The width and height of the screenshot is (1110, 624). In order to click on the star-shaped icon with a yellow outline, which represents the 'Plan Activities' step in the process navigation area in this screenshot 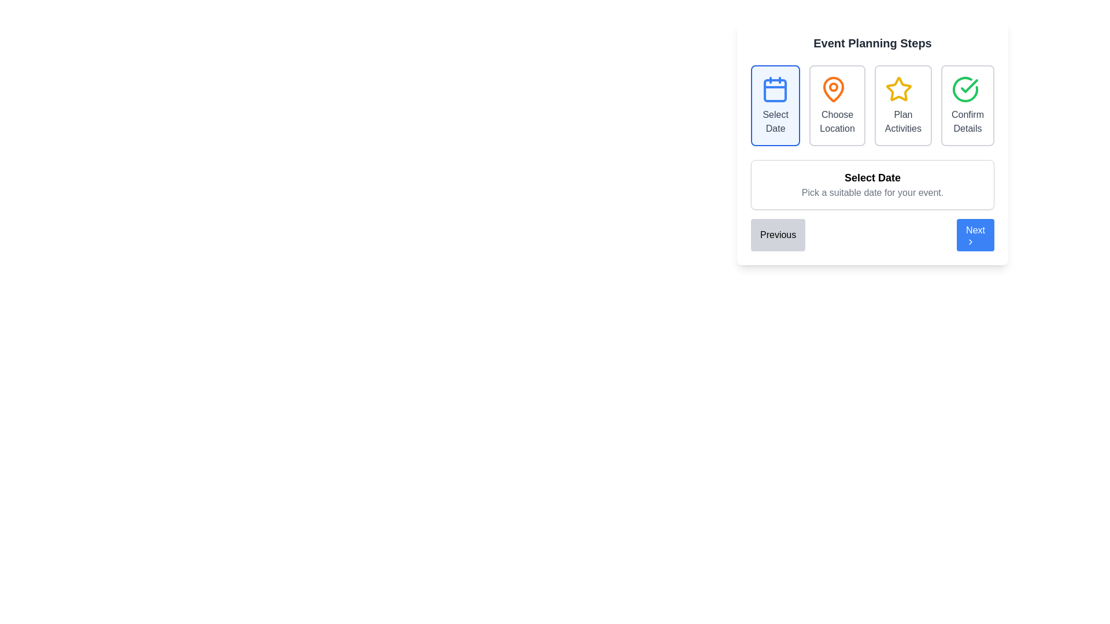, I will do `click(898, 88)`.